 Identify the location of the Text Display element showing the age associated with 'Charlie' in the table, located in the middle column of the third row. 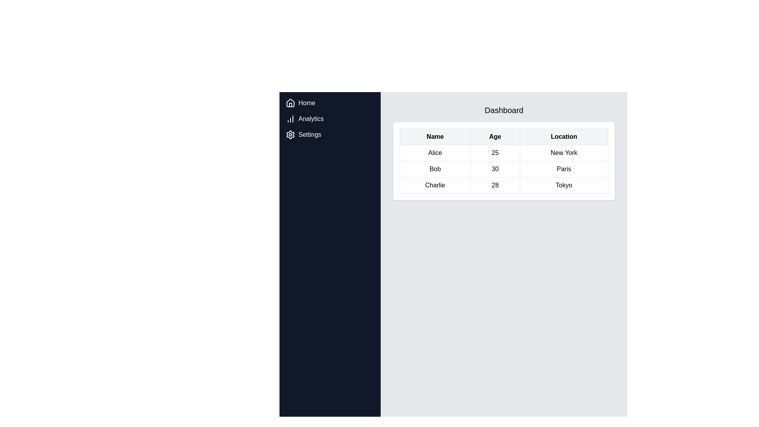
(495, 185).